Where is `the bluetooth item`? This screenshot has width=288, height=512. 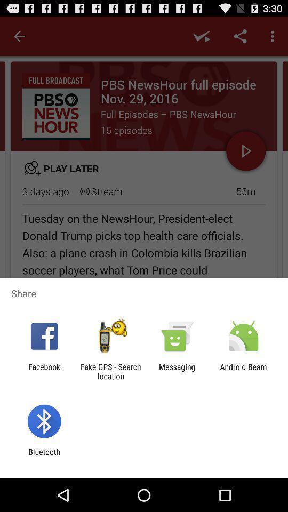 the bluetooth item is located at coordinates (44, 456).